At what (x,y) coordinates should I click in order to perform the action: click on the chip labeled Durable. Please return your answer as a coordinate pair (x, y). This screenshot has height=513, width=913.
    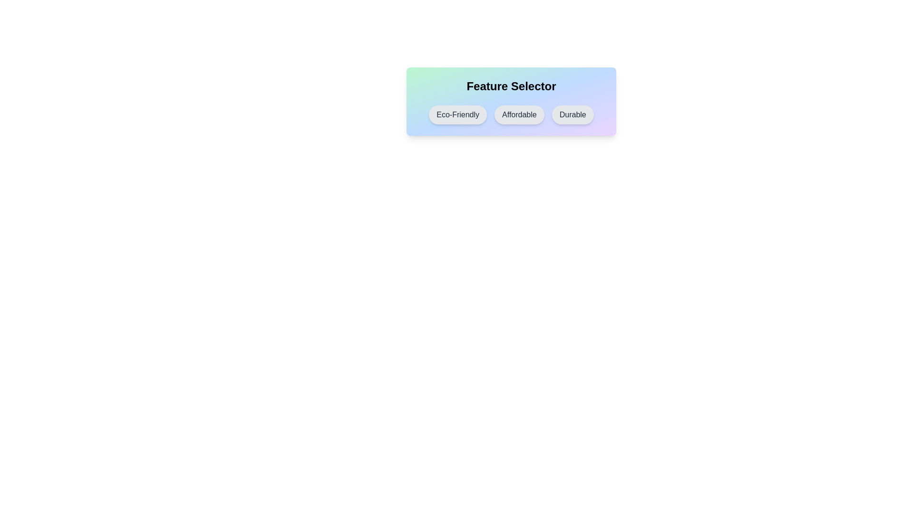
    Looking at the image, I should click on (572, 114).